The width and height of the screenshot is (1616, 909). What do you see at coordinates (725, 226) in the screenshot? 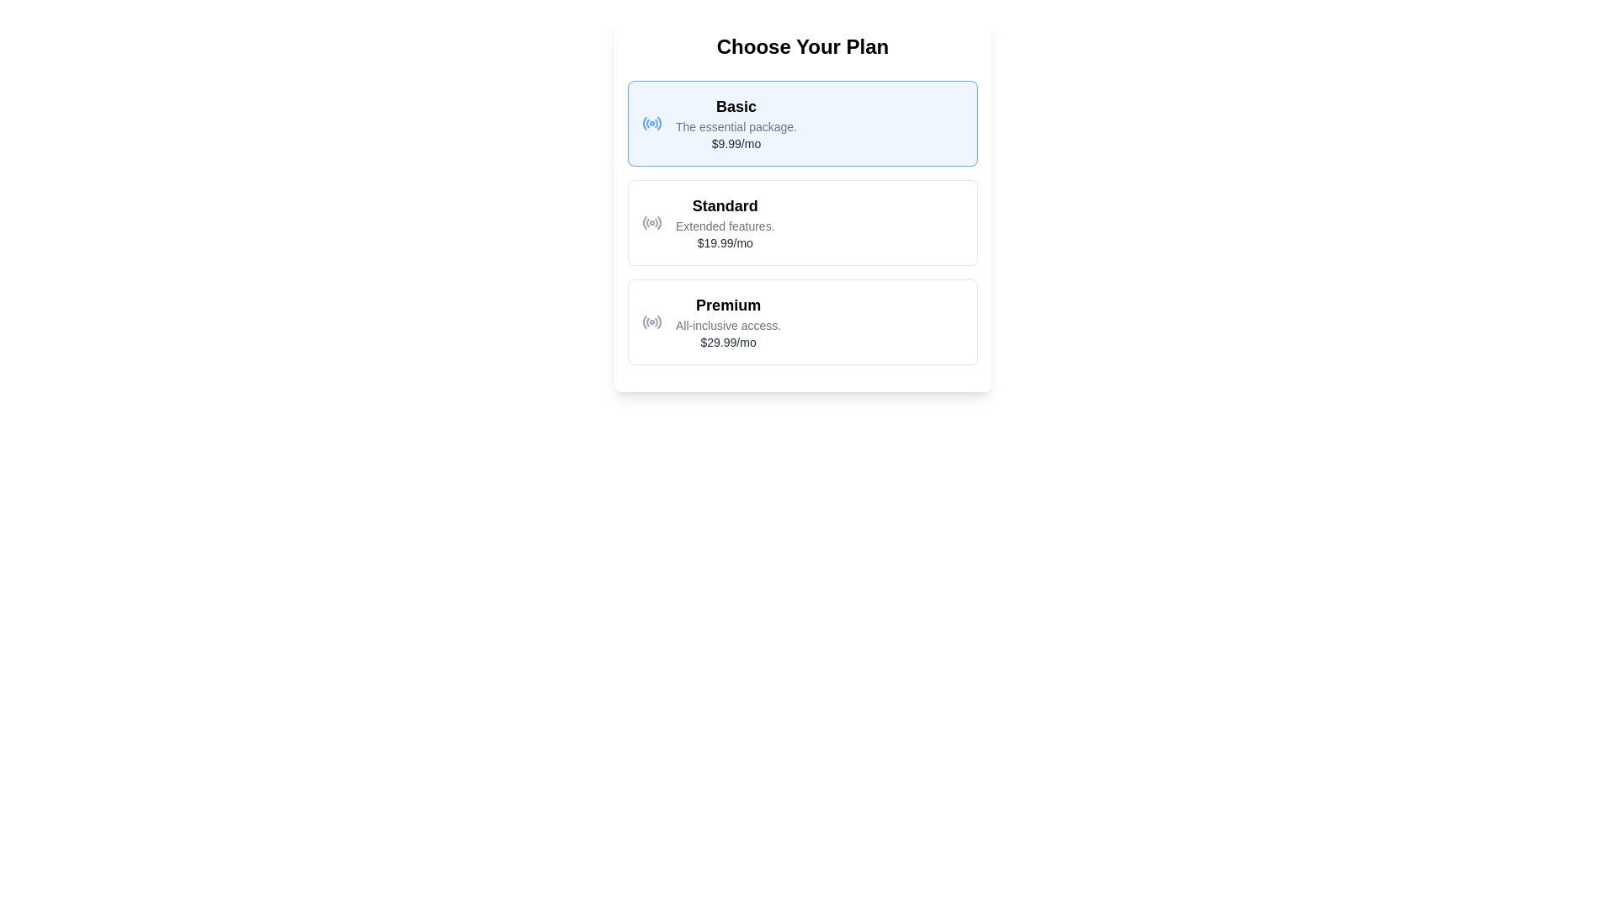
I see `descriptive text label about the 'Standard' plan, which is positioned between the 'Standard' title and the price information` at bounding box center [725, 226].